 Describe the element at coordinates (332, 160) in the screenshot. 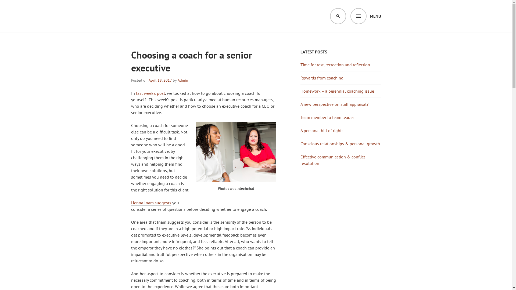

I see `'Effective communication & conflict resolution'` at that location.